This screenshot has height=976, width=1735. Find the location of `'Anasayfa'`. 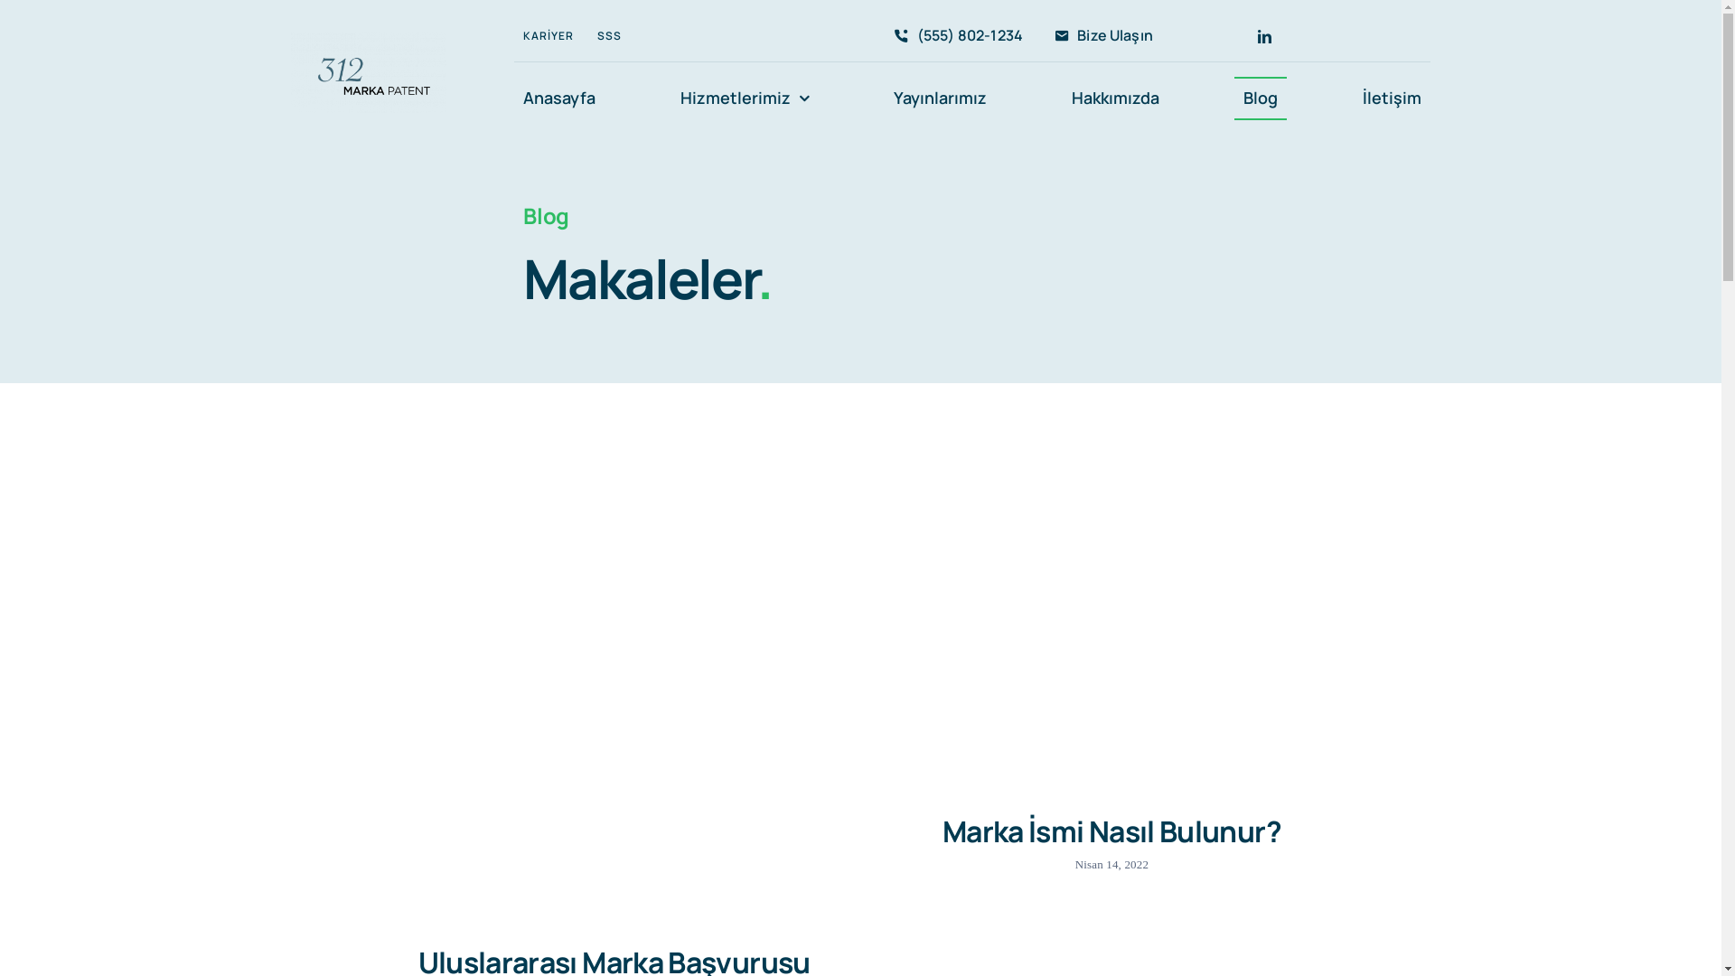

'Anasayfa' is located at coordinates (513, 98).